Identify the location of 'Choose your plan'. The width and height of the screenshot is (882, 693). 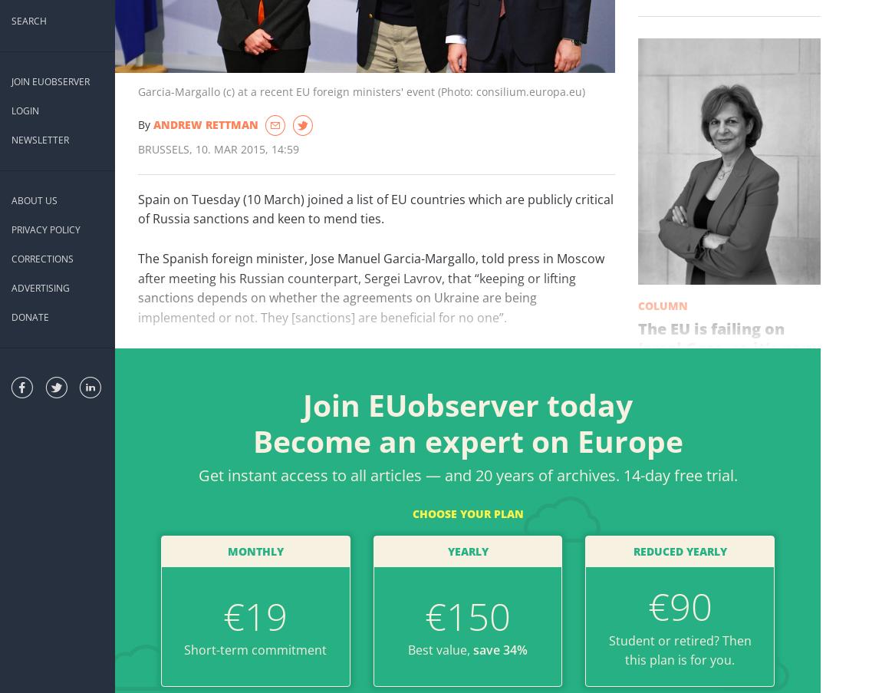
(412, 512).